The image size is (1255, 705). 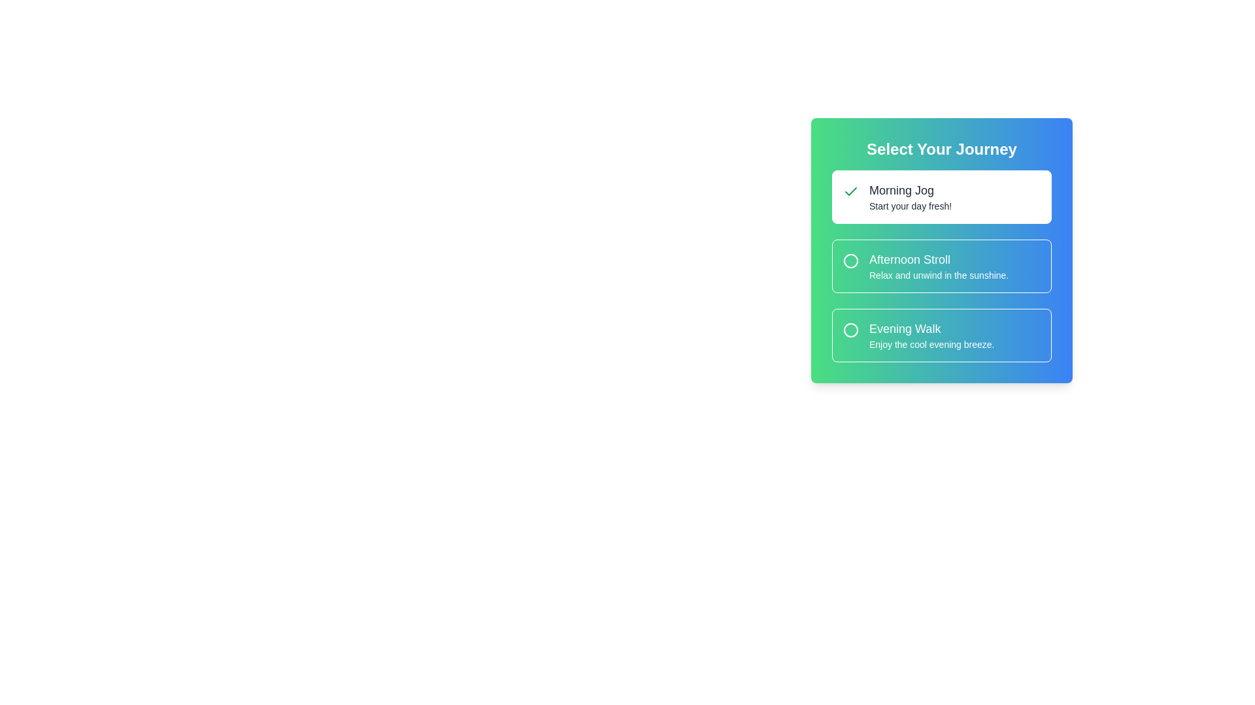 I want to click on the text label that says 'Enjoy the cool evening breeze.' which is located below 'Evening Walk' in the third option of a list with a gradient blue background, so click(x=931, y=344).